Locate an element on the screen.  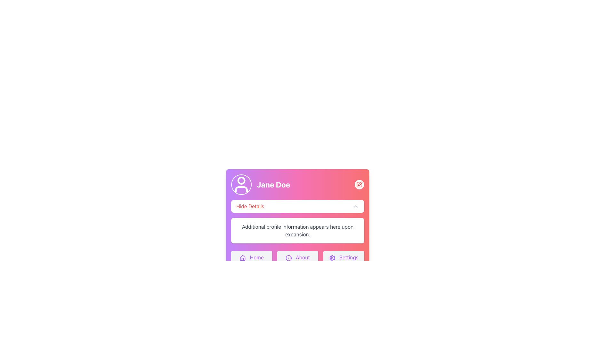
the purple house icon located to the left of the 'Home' text in the bottom navigation bar is located at coordinates (242, 257).